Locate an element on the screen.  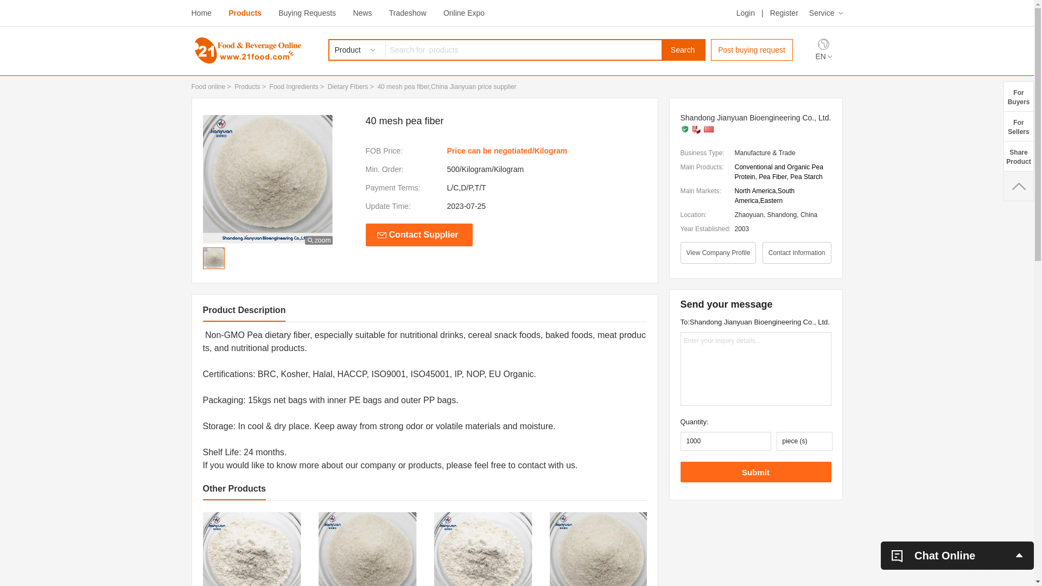
'Contact Information' is located at coordinates (797, 253).